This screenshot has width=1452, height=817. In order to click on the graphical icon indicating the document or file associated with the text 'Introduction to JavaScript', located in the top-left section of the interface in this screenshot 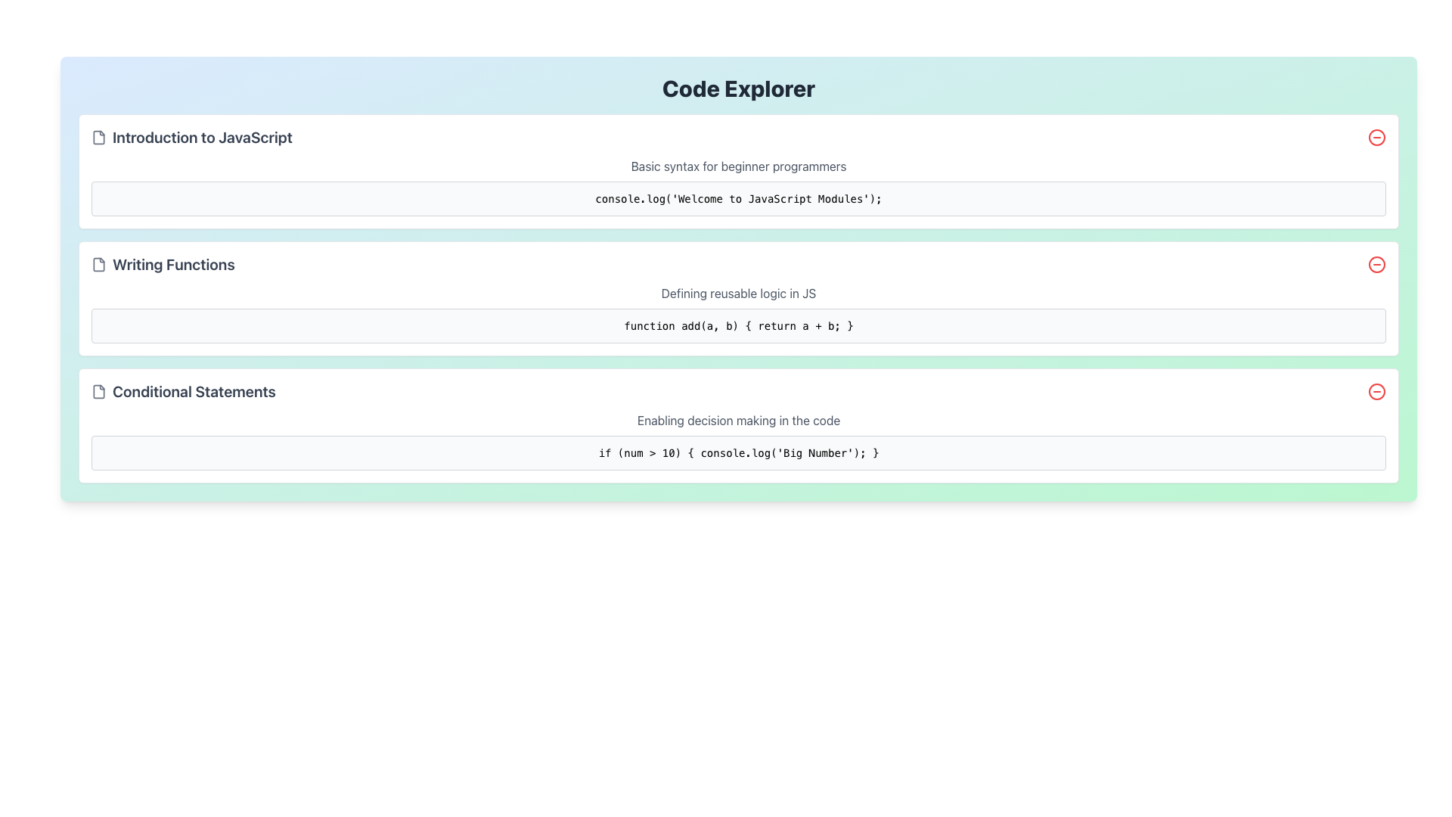, I will do `click(98, 137)`.